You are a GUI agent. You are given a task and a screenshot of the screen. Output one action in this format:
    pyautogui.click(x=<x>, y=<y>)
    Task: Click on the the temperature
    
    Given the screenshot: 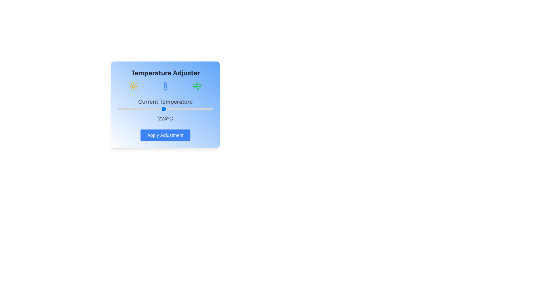 What is the action you would take?
    pyautogui.click(x=205, y=109)
    